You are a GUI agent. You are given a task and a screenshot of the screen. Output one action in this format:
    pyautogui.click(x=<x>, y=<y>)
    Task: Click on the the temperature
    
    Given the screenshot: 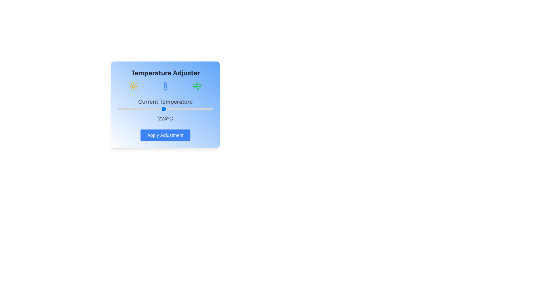 What is the action you would take?
    pyautogui.click(x=205, y=109)
    